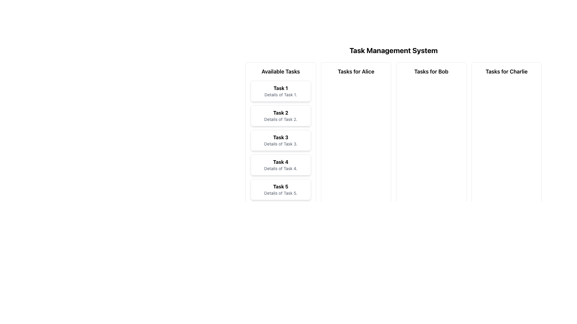 The image size is (577, 324). Describe the element at coordinates (280, 186) in the screenshot. I see `the text display element showing 'Task 5' in bold, located in the fifth task card of the 'Available Tasks' section` at that location.